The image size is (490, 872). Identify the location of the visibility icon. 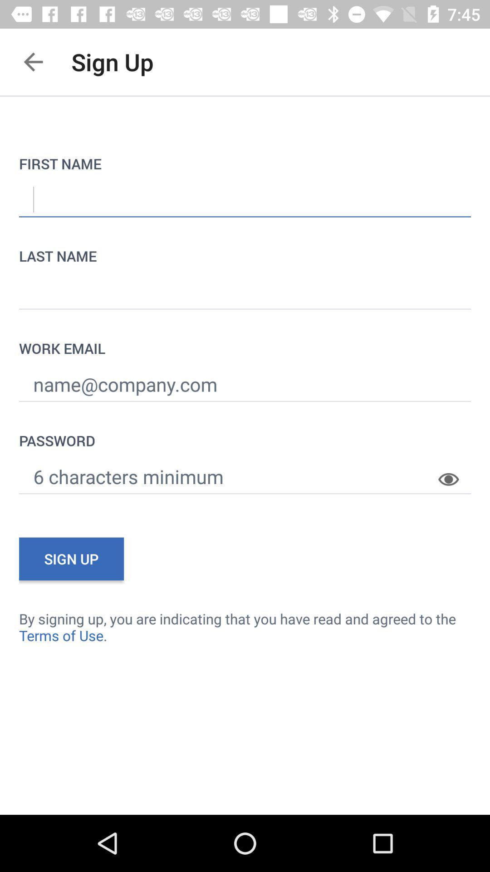
(455, 472).